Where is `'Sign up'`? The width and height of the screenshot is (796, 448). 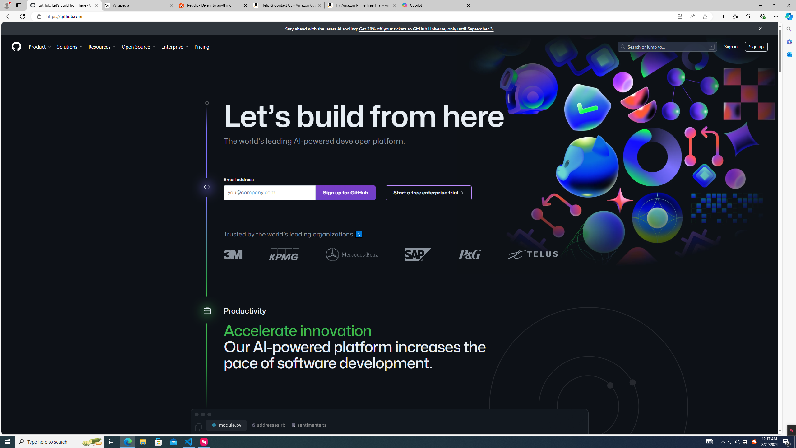 'Sign up' is located at coordinates (756, 46).